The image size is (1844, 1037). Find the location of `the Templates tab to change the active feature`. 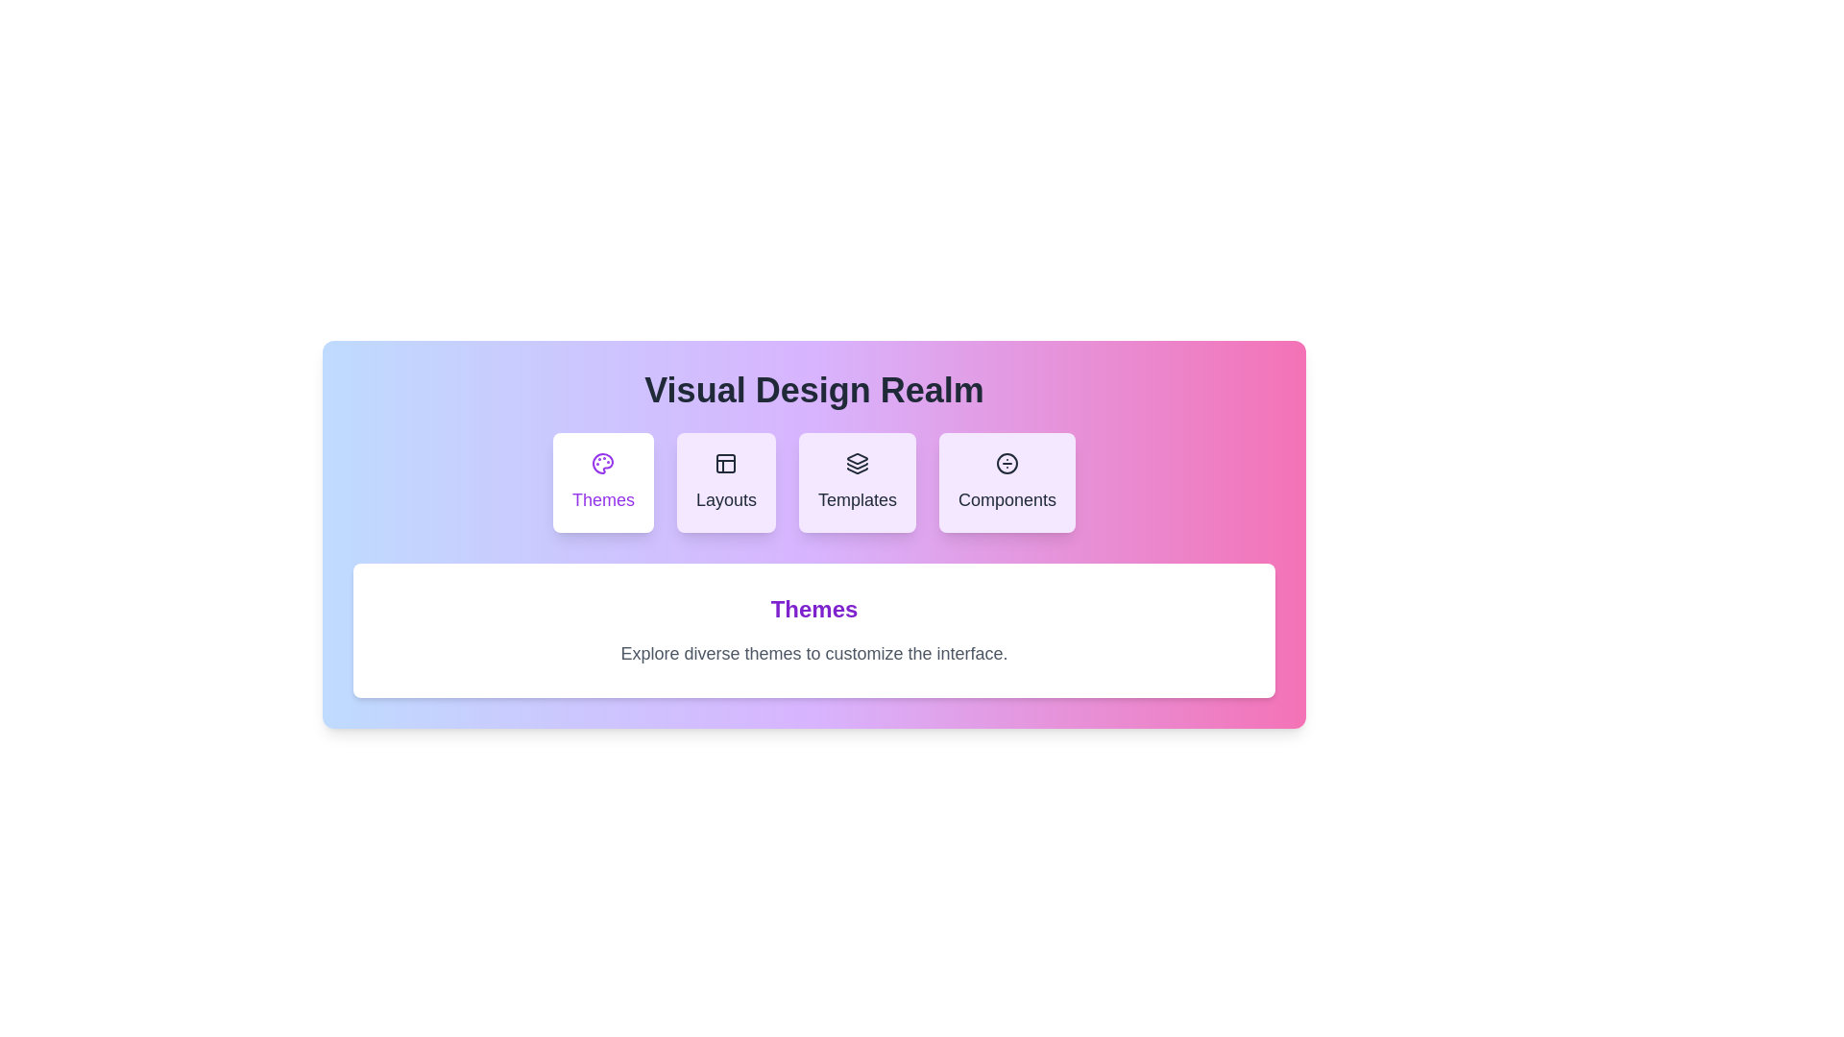

the Templates tab to change the active feature is located at coordinates (856, 481).